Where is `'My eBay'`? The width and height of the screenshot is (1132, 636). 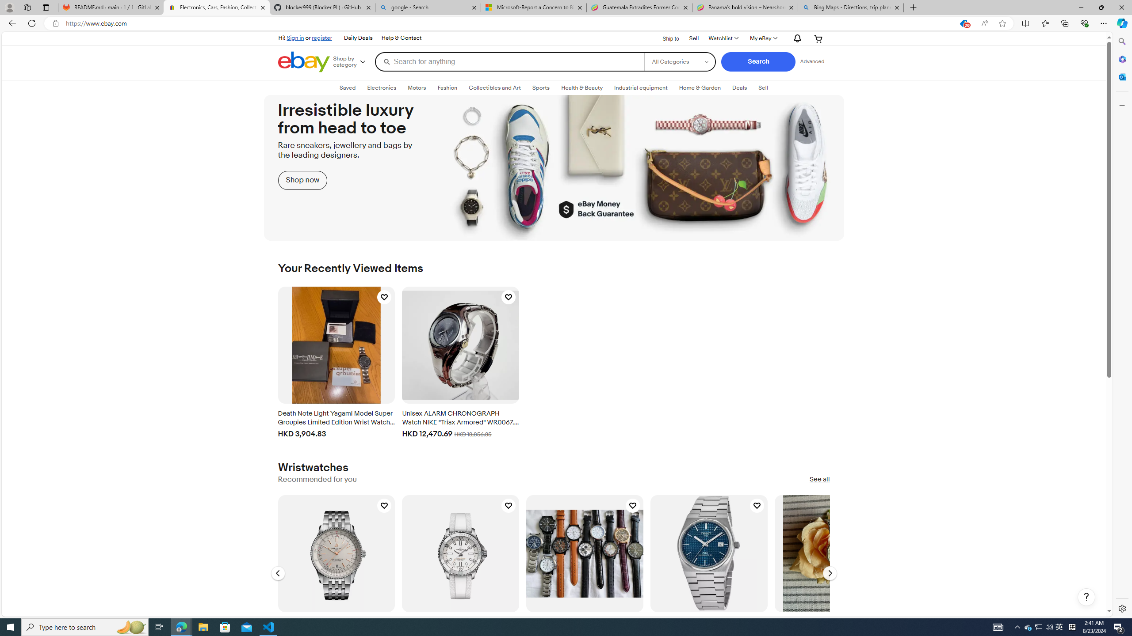
'My eBay' is located at coordinates (762, 38).